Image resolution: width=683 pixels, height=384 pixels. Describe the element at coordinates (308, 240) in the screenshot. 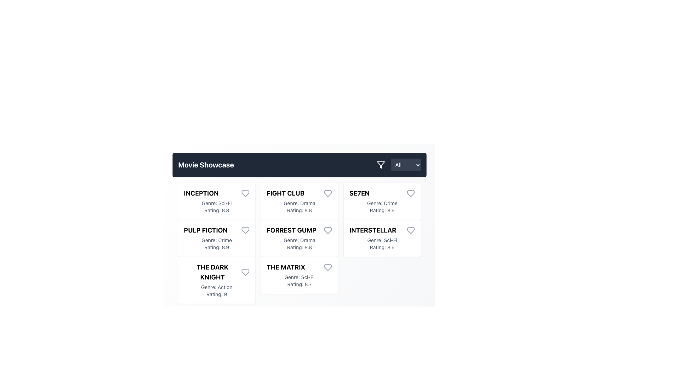

I see `text label displaying 'Drama' in gray font, located beneath the title 'FORREST GUMP' in the second row, third cell of the grid layout` at that location.